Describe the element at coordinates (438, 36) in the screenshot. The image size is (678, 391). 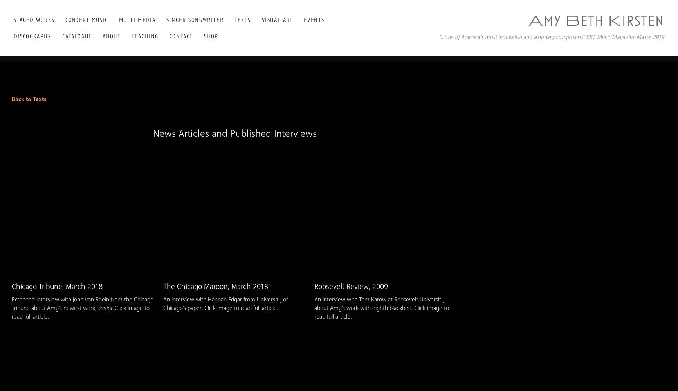
I see `'"...one of America's most innovative and visionary composers." BBC Music Magazine March 2019'` at that location.